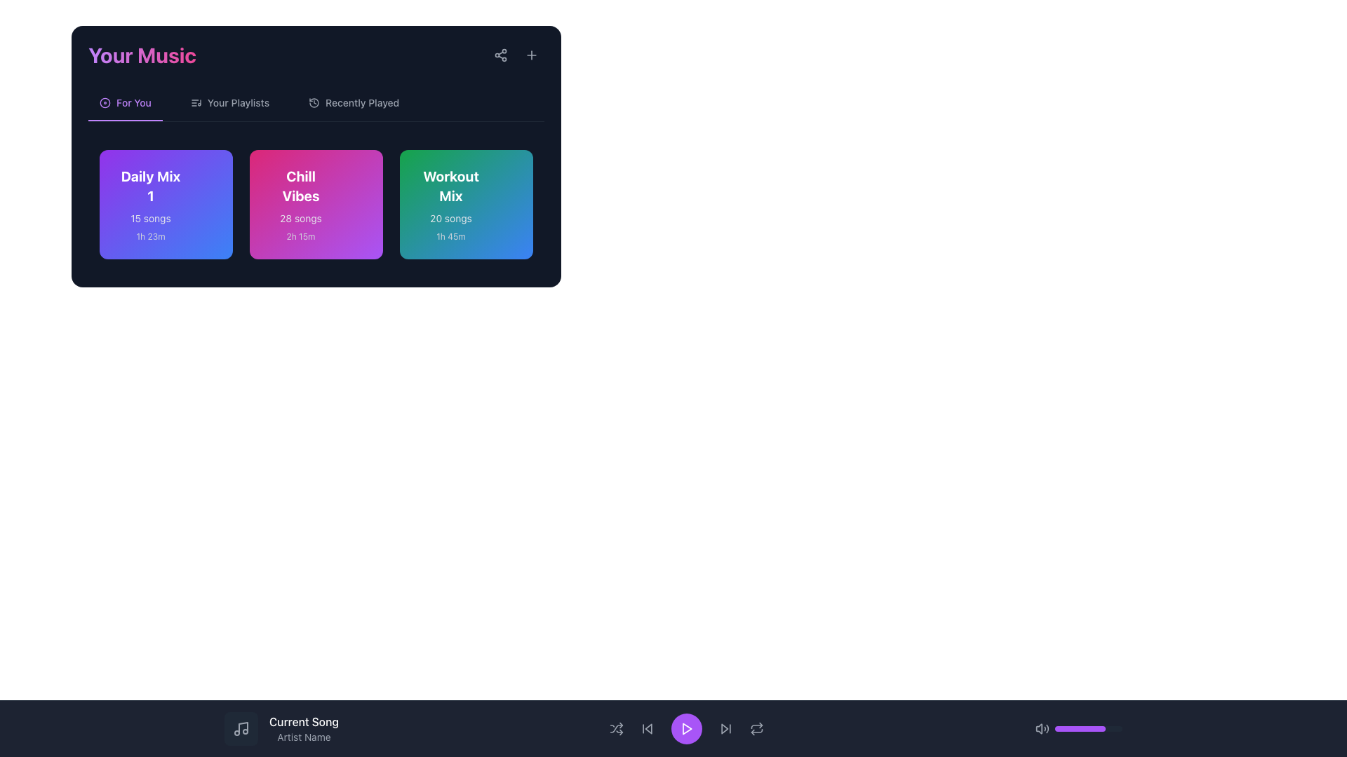  What do you see at coordinates (354, 107) in the screenshot?
I see `the third navigation tab to switch to the 'Recently Played' section` at bounding box center [354, 107].